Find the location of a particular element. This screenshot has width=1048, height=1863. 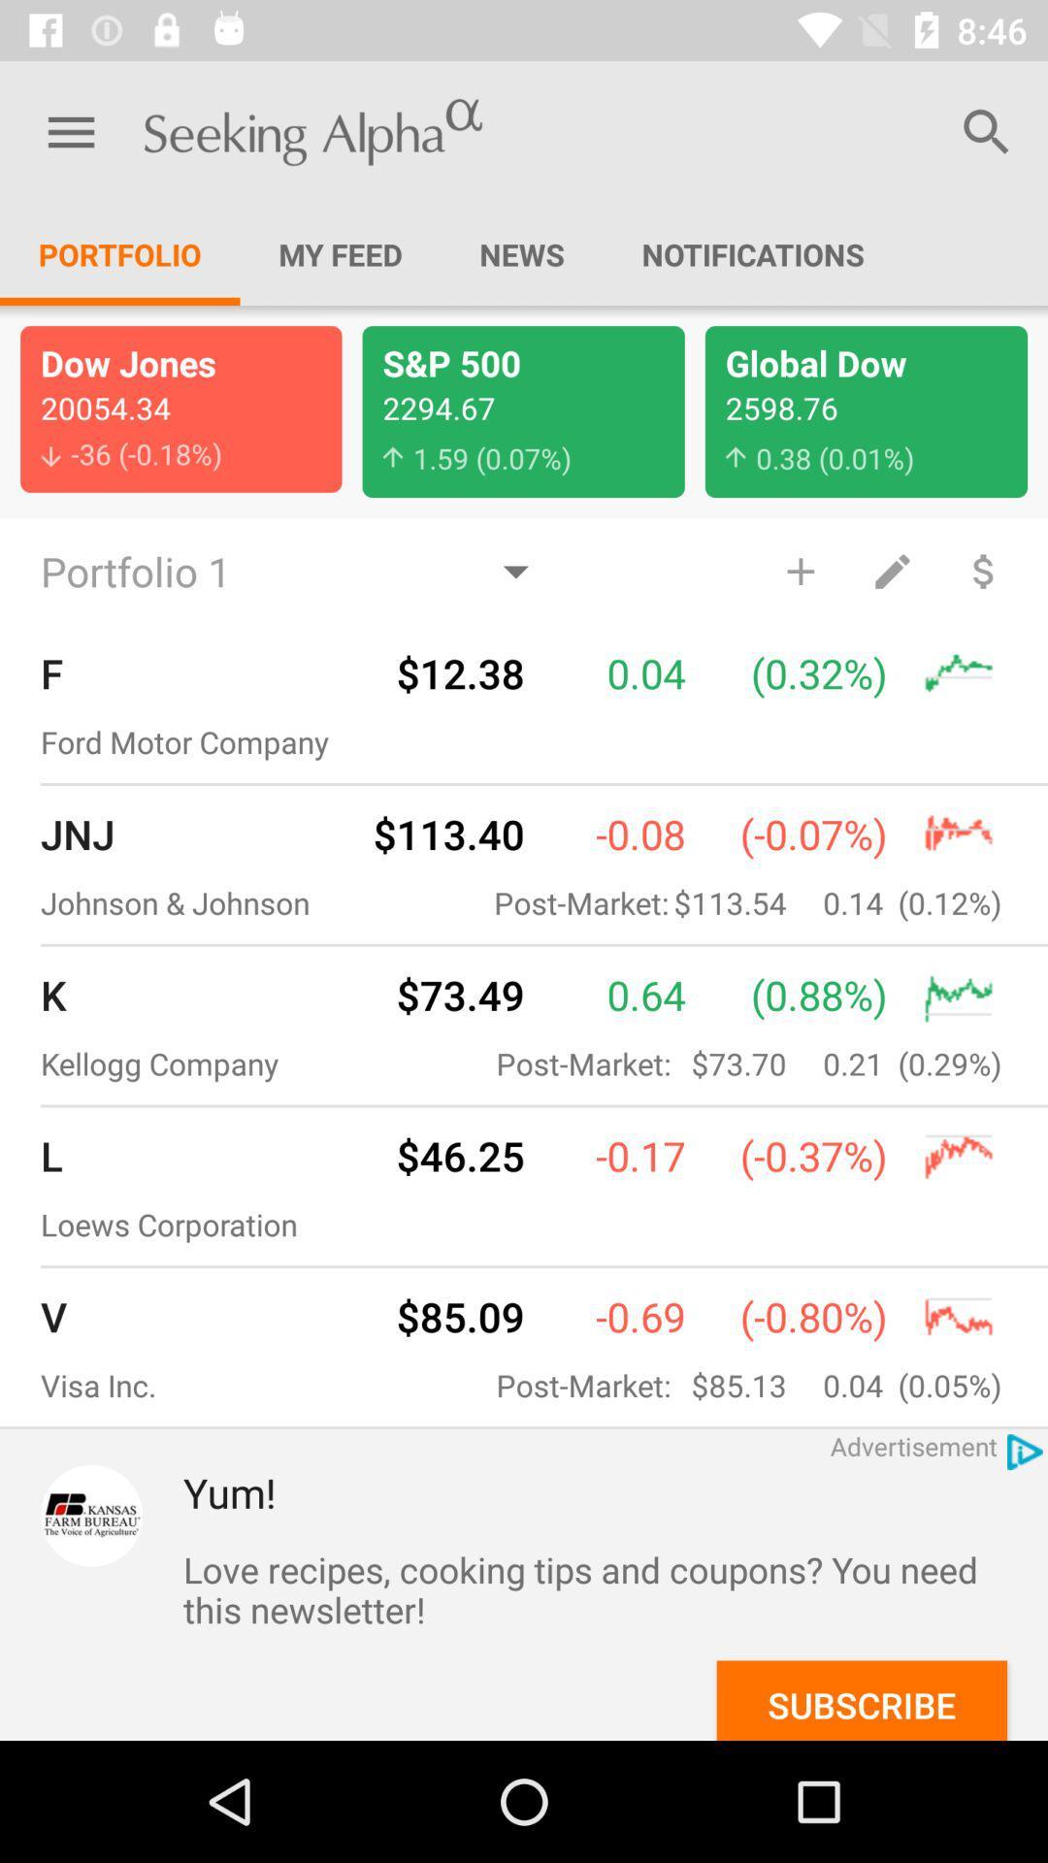

item next to yum! item is located at coordinates (91, 1515).